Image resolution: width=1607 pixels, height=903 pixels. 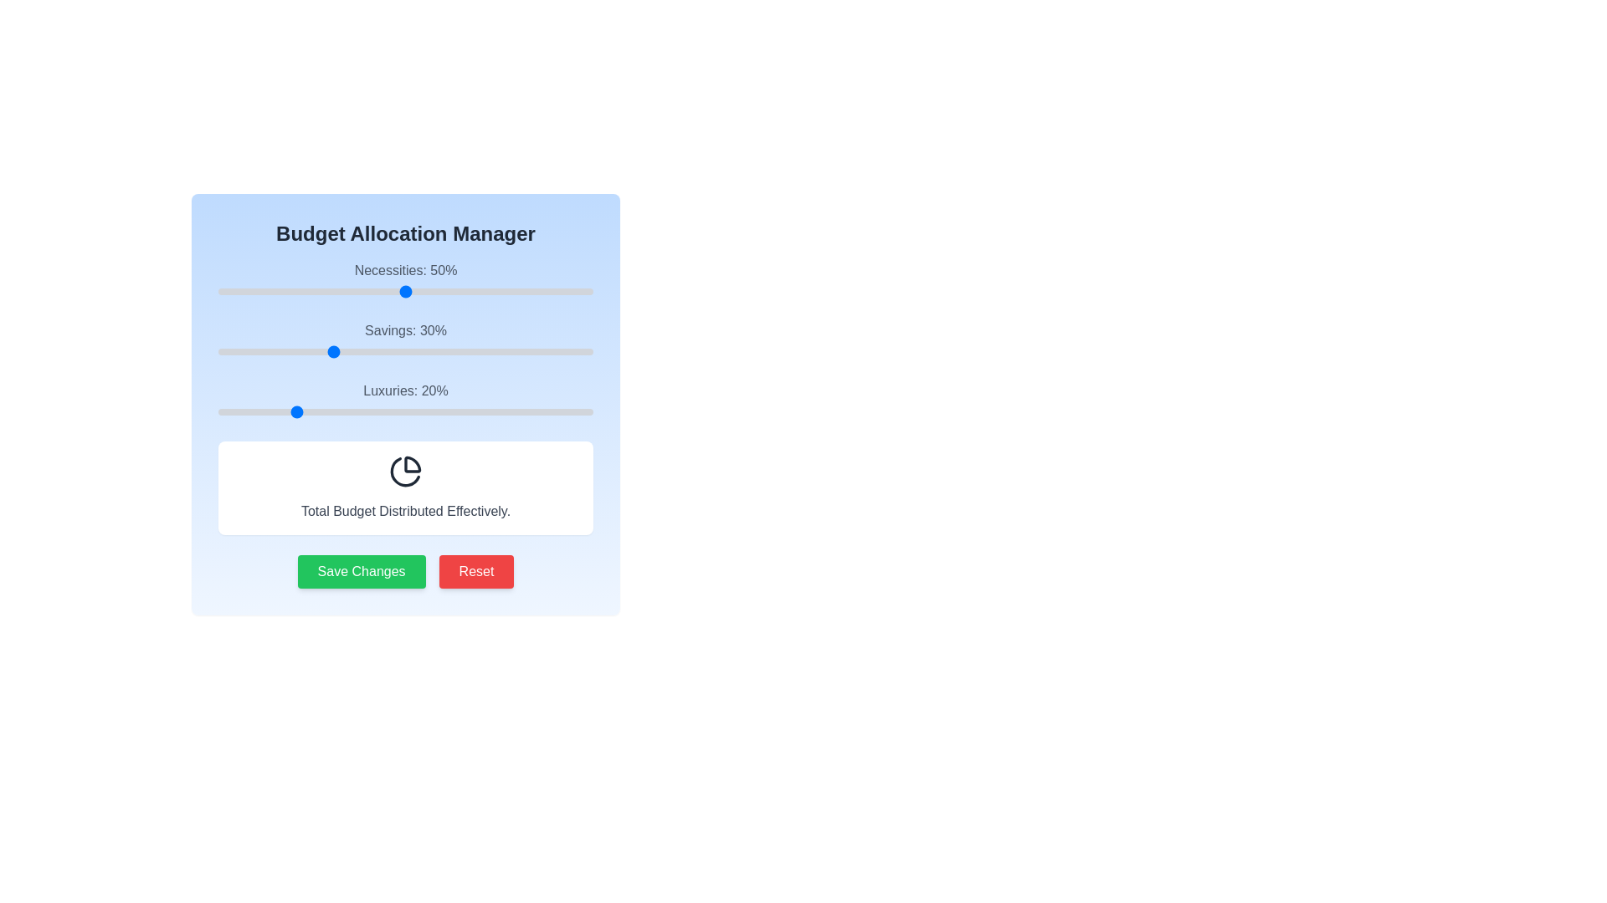 What do you see at coordinates (571, 290) in the screenshot?
I see `the 'necessities' slider` at bounding box center [571, 290].